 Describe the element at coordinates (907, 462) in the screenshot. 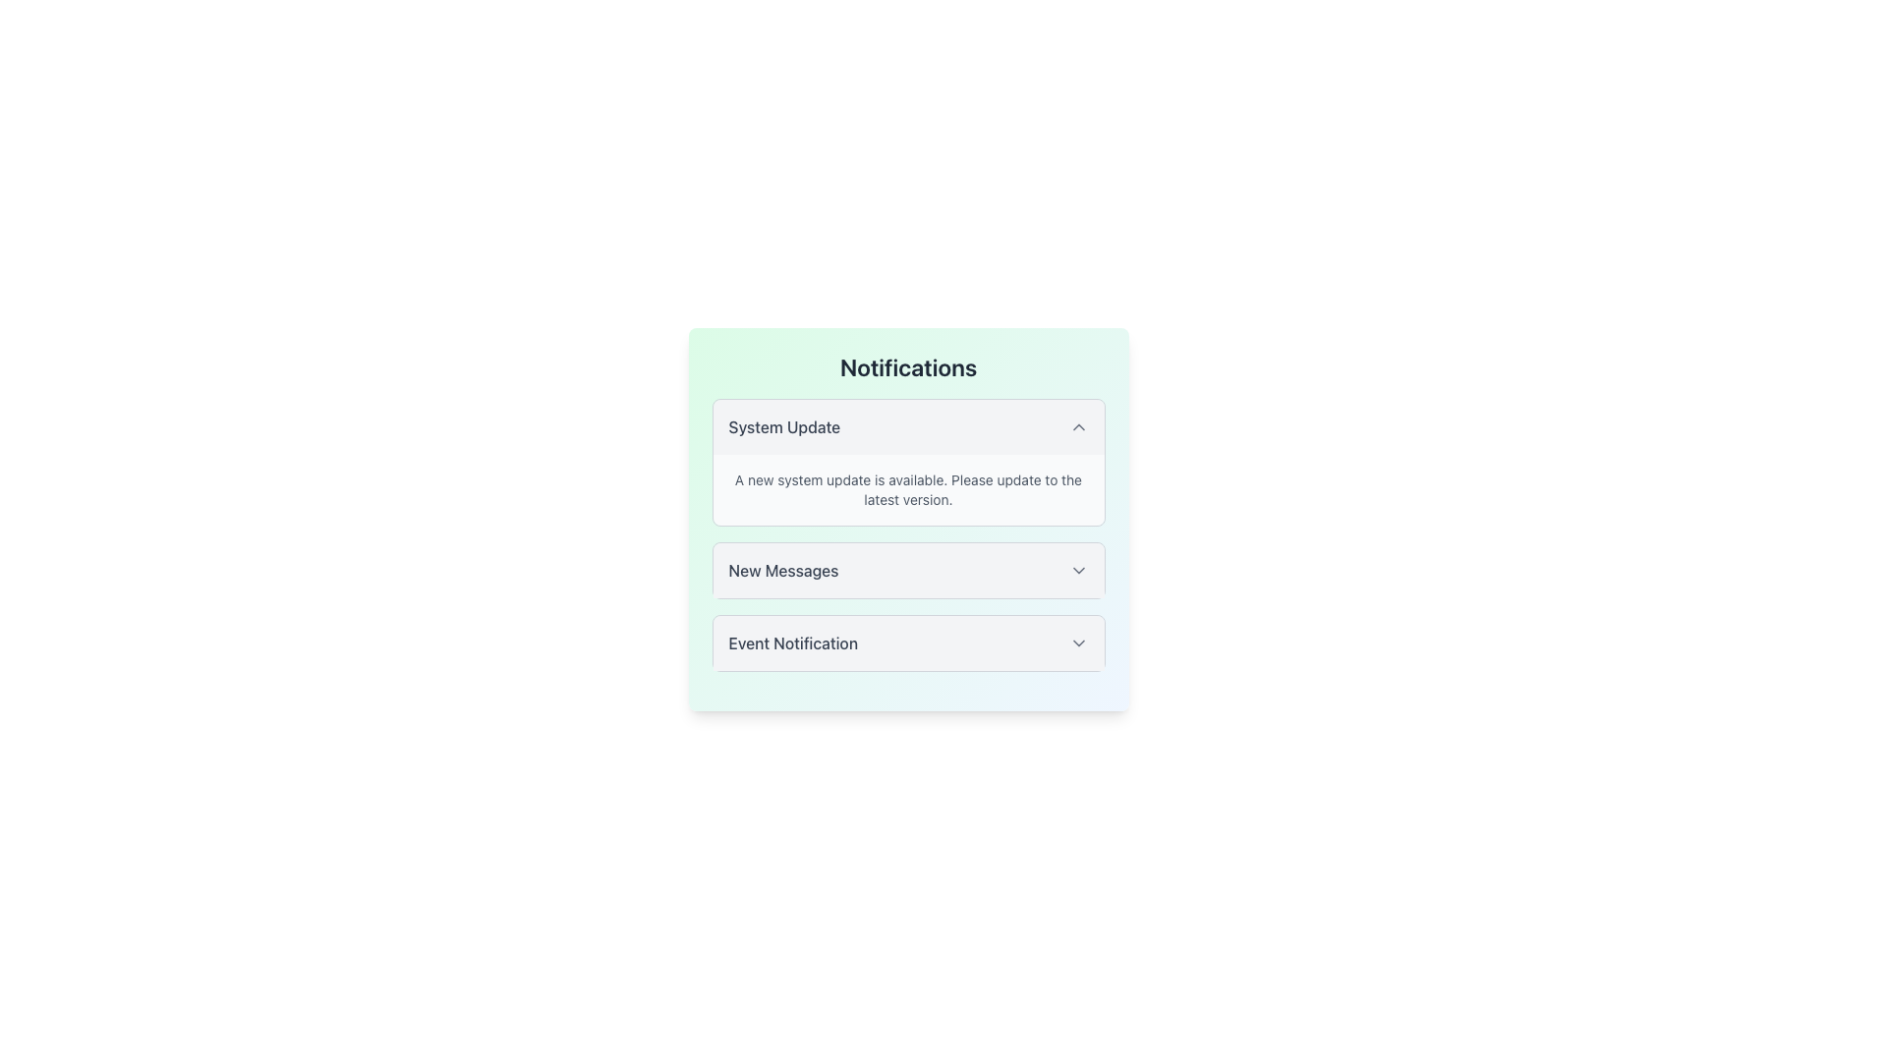

I see `the first notification section in the Notifications panel, which displays the title 'System Update' and contains a description about a new system update` at that location.